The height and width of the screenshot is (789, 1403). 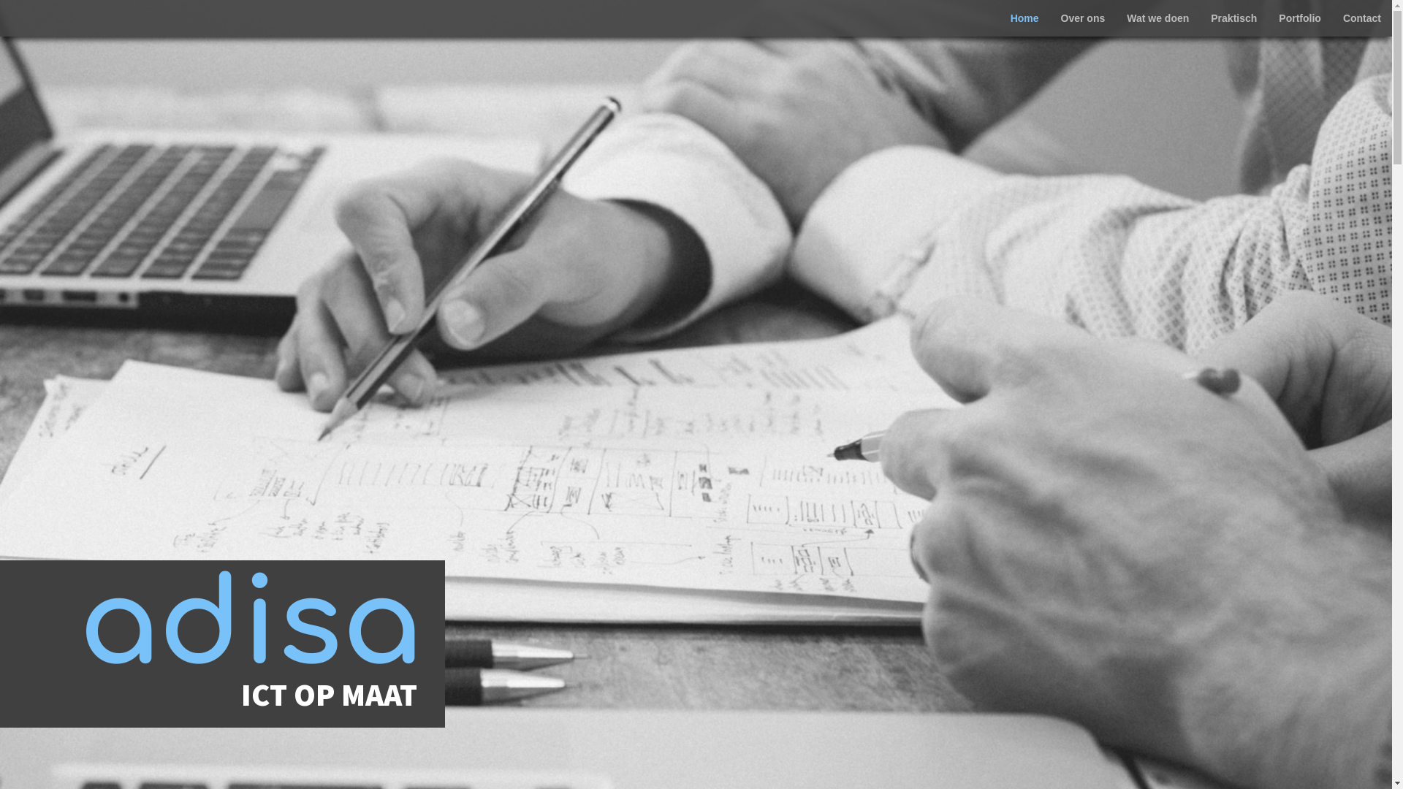 What do you see at coordinates (1083, 18) in the screenshot?
I see `'Over ons'` at bounding box center [1083, 18].